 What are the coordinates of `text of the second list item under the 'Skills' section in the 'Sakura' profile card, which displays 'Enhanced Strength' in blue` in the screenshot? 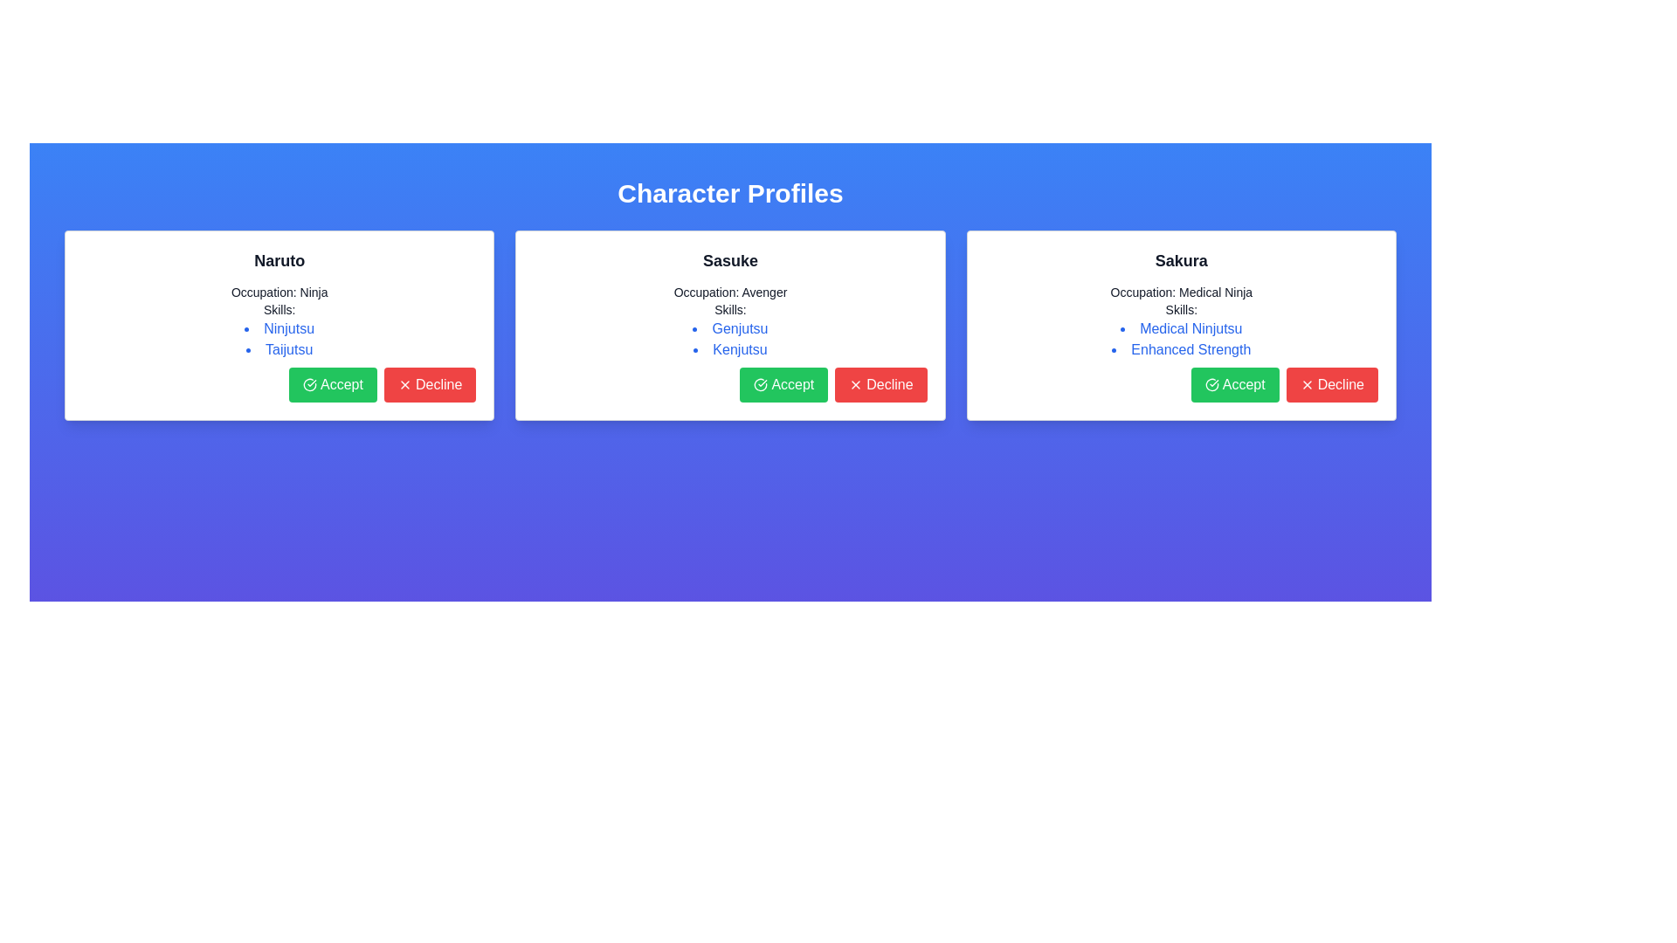 It's located at (1181, 350).